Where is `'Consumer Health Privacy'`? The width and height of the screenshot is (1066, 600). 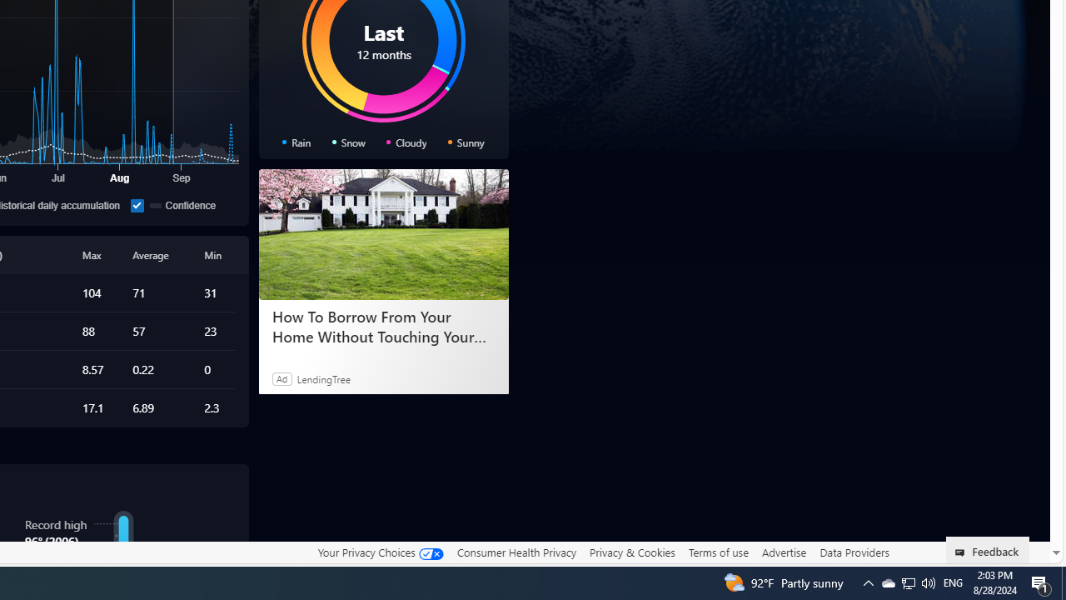 'Consumer Health Privacy' is located at coordinates (516, 552).